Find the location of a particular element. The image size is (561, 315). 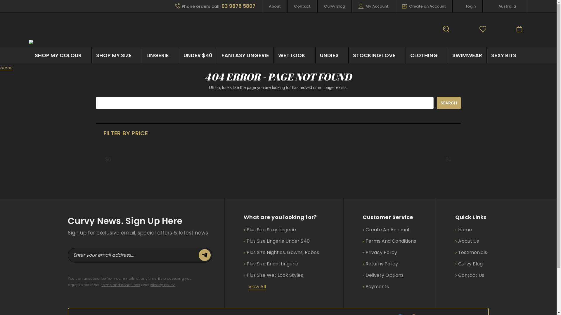

'Create An Account' is located at coordinates (386, 229).